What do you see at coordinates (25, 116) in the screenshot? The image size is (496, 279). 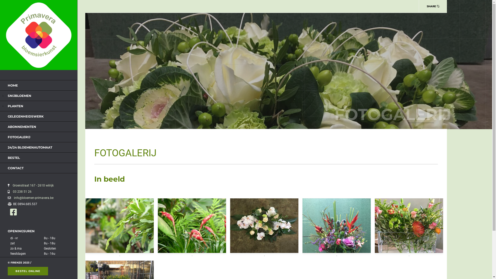 I see `'GELEGENHEIDSWERK'` at bounding box center [25, 116].